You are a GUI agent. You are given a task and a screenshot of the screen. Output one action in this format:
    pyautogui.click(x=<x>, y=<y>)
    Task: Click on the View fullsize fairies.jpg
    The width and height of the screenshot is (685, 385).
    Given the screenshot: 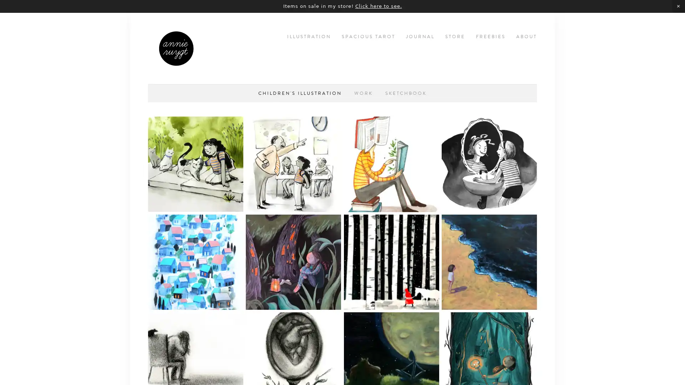 What is the action you would take?
    pyautogui.click(x=293, y=262)
    